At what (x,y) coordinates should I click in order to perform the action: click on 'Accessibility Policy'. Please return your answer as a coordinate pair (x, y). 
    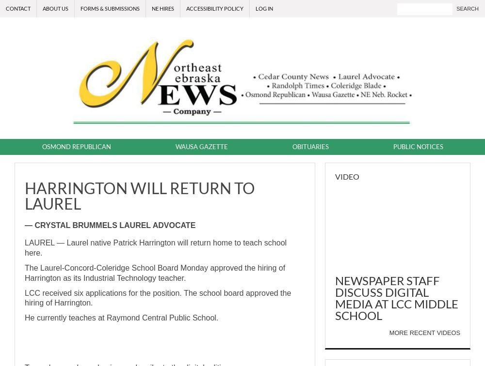
    Looking at the image, I should click on (214, 8).